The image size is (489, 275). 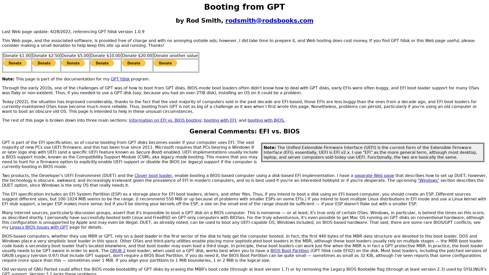 What do you see at coordinates (133, 62) in the screenshot?
I see `PayPal - The safer, easier way to pay online!` at bounding box center [133, 62].